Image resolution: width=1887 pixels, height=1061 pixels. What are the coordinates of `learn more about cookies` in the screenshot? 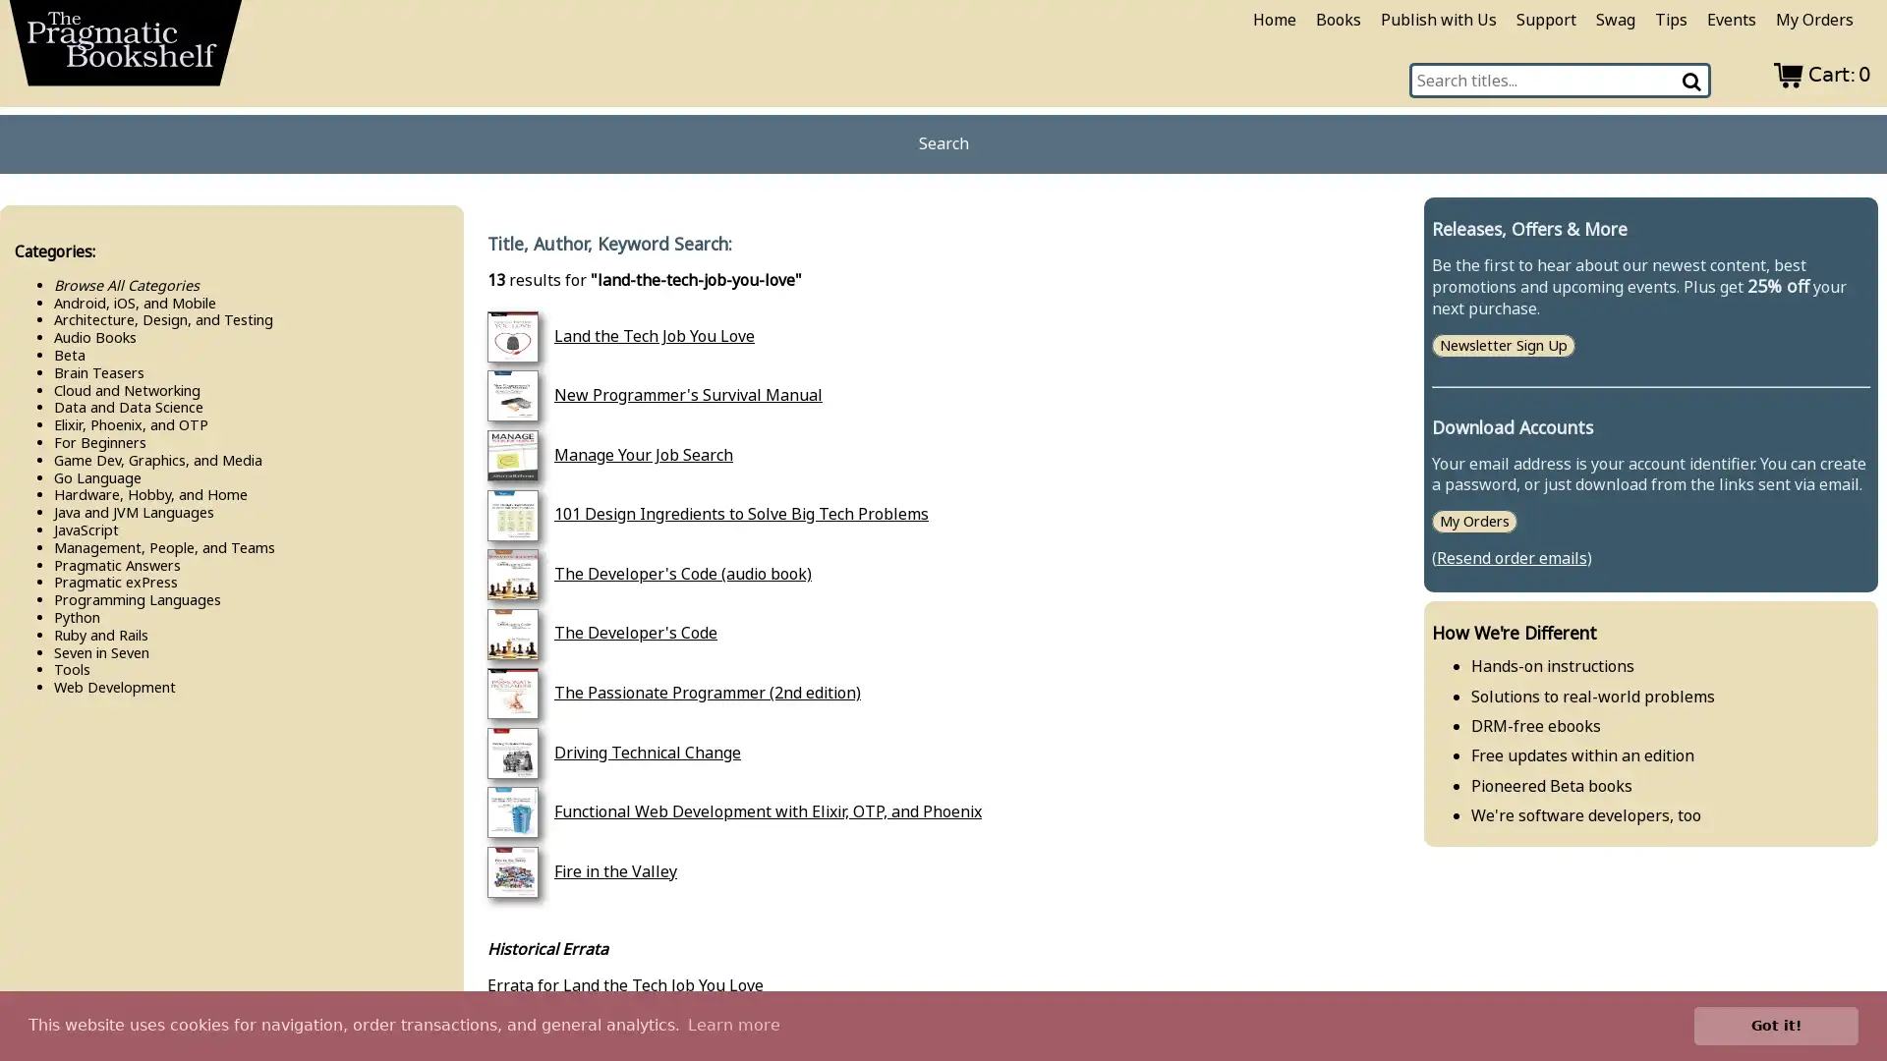 It's located at (732, 1025).